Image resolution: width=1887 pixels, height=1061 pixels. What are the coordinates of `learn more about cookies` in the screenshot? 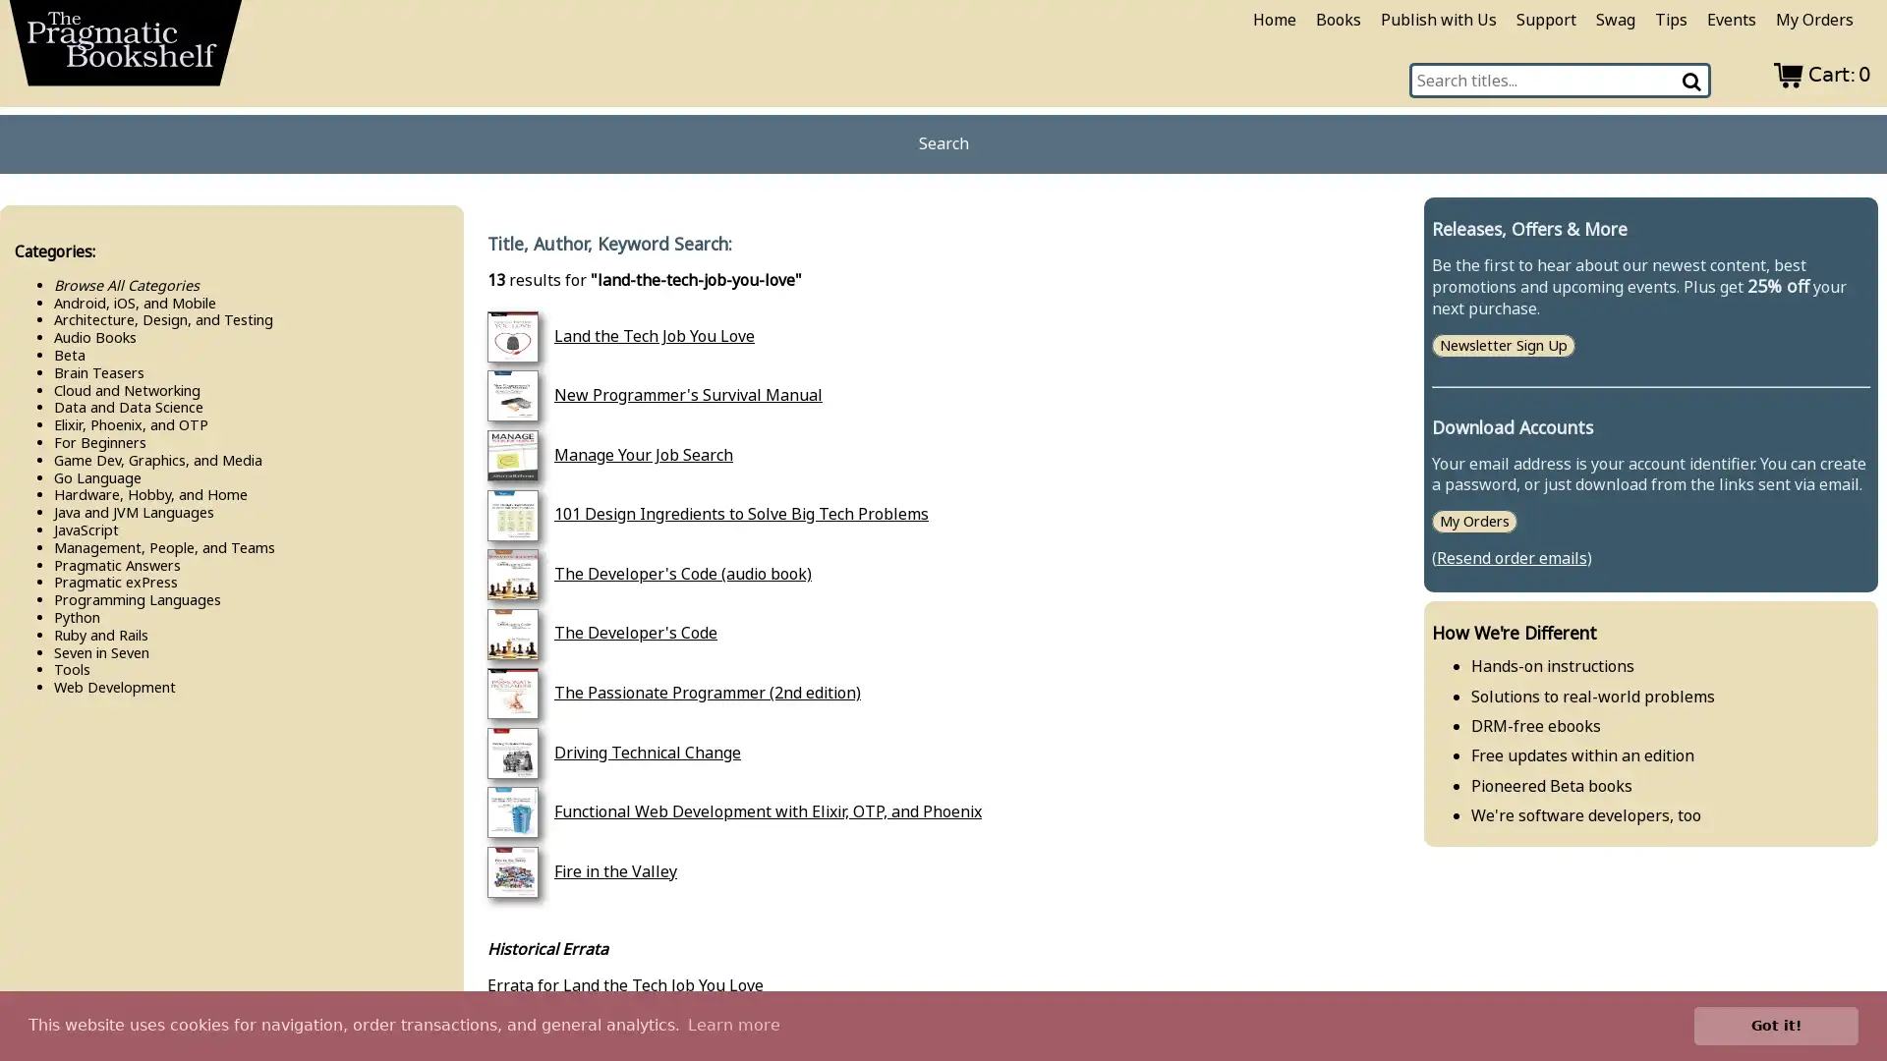 It's located at (732, 1025).